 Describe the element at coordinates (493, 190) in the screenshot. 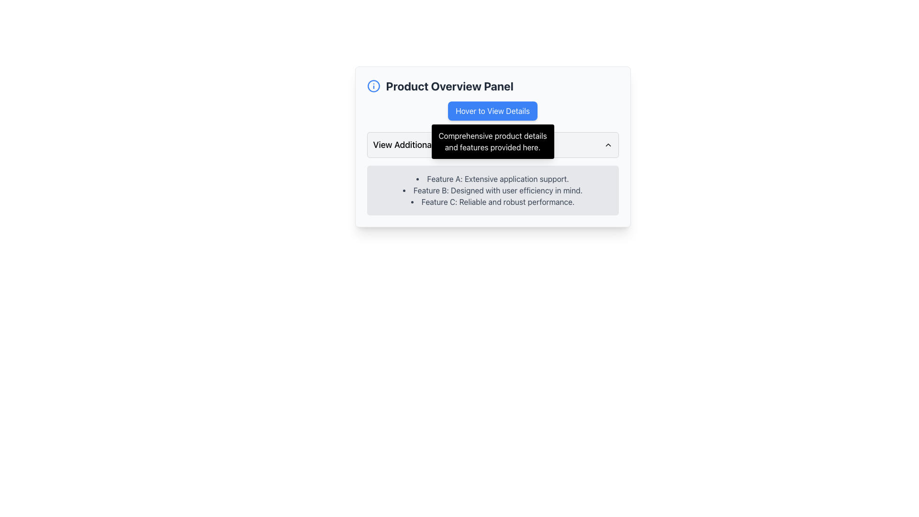

I see `the second bullet point in the list displaying 'Feature B: Designed with user efficiency in mind.'` at that location.